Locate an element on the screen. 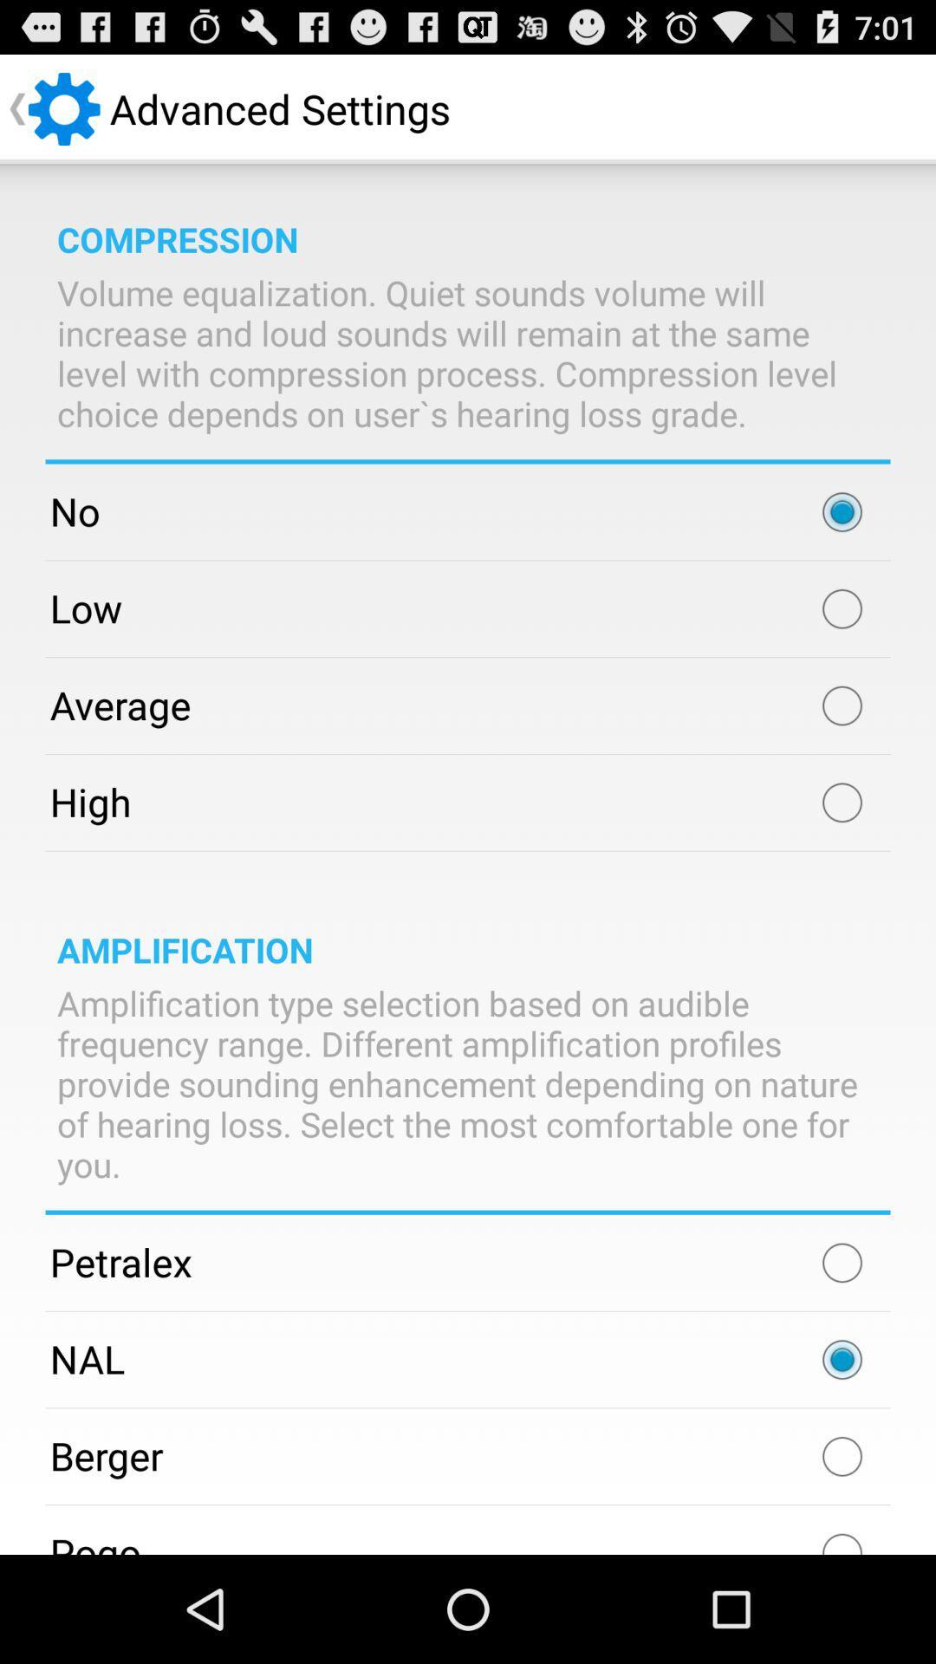  average compression is located at coordinates (842, 705).